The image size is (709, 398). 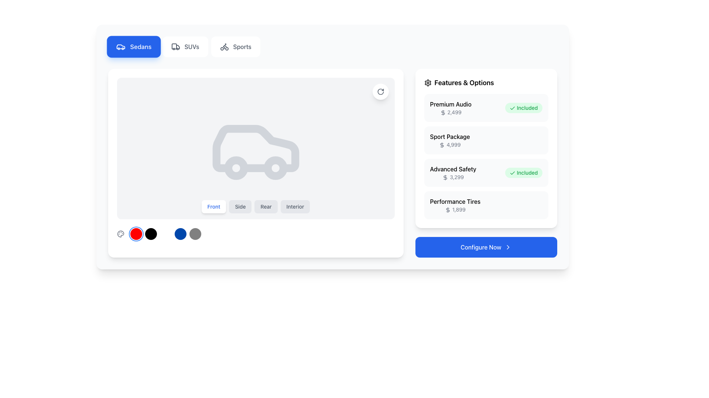 What do you see at coordinates (450, 112) in the screenshot?
I see `the Price Label indicating the price of the 'Premium Audio' feature, located at the top of the features list` at bounding box center [450, 112].